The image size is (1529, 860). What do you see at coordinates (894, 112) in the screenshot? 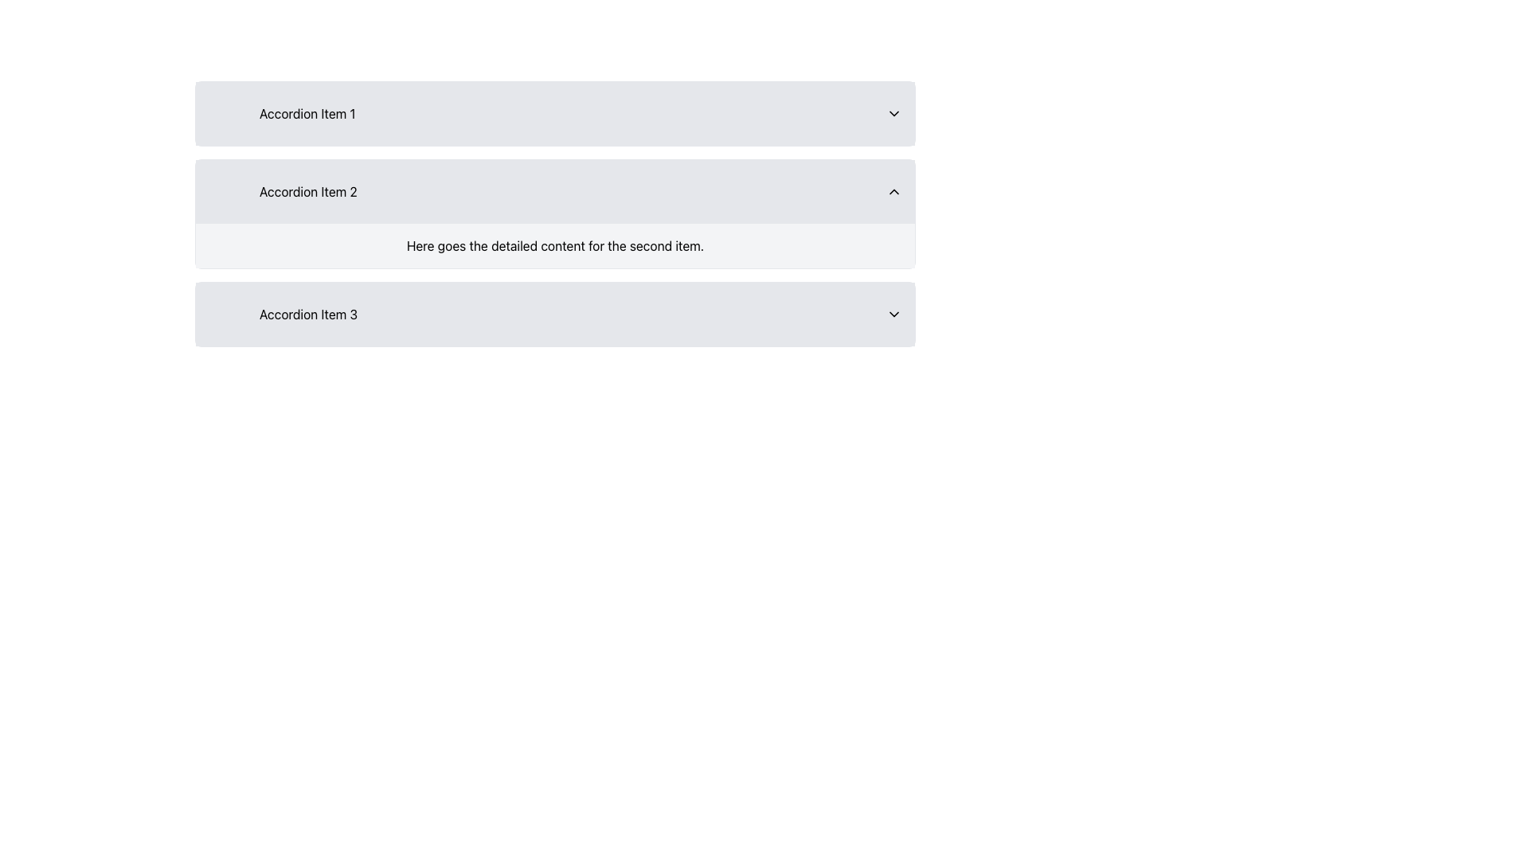
I see `the chevron-down icon in the first accordion header labeled 'Accordion Item 1'` at bounding box center [894, 112].